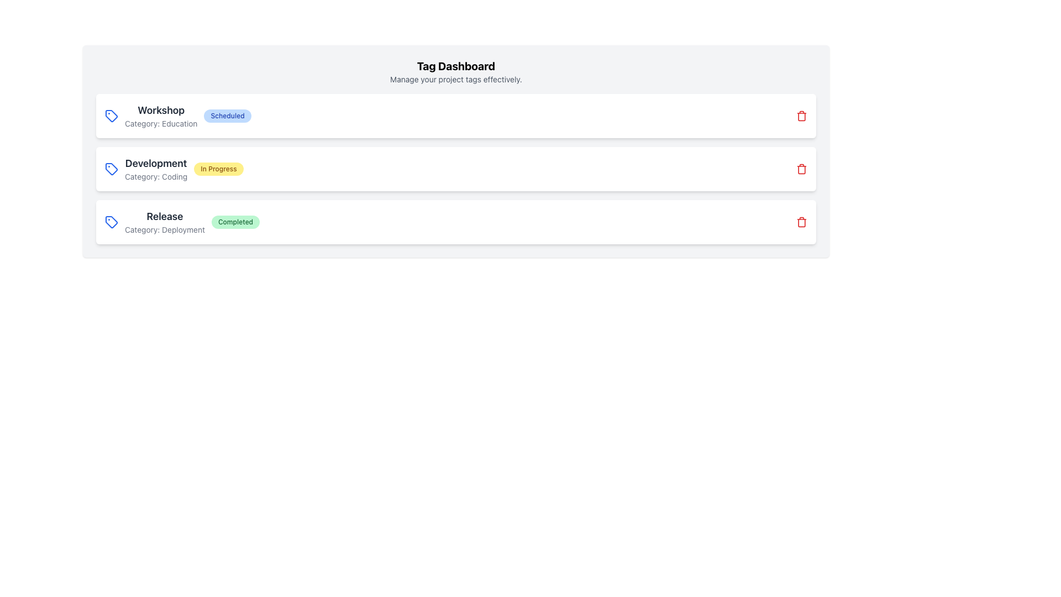 Image resolution: width=1061 pixels, height=597 pixels. Describe the element at coordinates (235, 222) in the screenshot. I see `the status indicator badge for 'Release' located on the far right side of the 'Release' section, aligned with the text 'Release' and 'Category: Deployment'` at that location.